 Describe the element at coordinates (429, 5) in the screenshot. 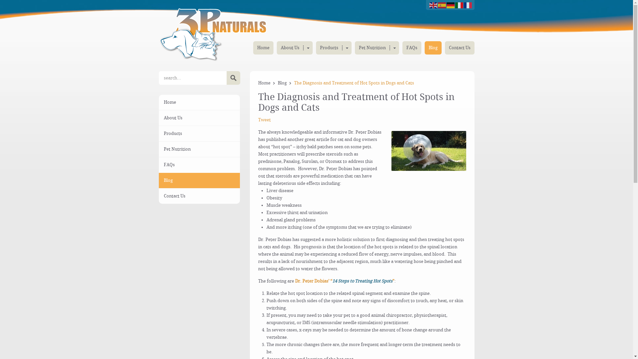

I see `'English'` at that location.